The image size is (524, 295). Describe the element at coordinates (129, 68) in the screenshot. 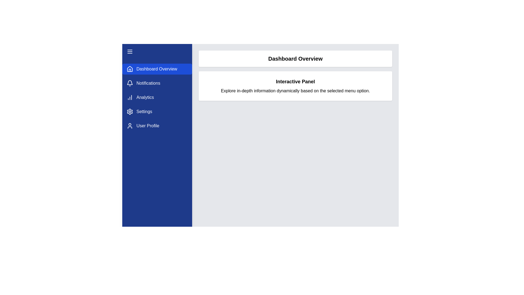

I see `the first icon in the vertical navigation menu indicating the 'Dashboard Overview' section` at that location.